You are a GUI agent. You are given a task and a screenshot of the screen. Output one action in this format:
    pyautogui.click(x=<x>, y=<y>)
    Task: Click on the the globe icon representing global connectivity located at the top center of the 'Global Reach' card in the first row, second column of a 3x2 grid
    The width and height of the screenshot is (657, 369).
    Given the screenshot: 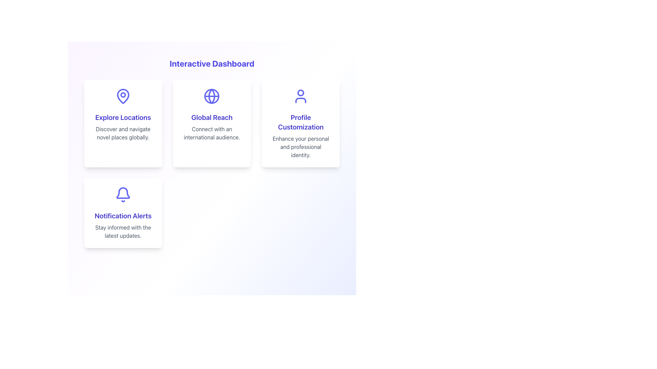 What is the action you would take?
    pyautogui.click(x=211, y=96)
    